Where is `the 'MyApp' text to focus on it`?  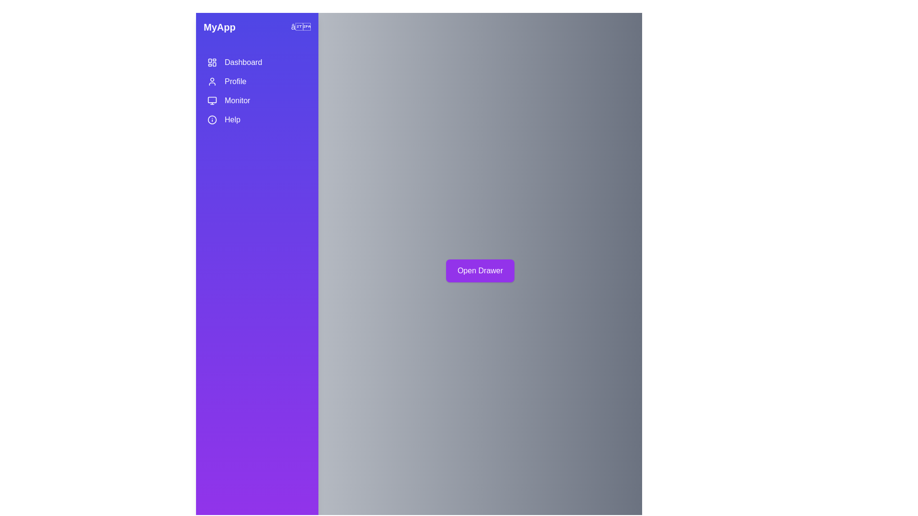
the 'MyApp' text to focus on it is located at coordinates (219, 27).